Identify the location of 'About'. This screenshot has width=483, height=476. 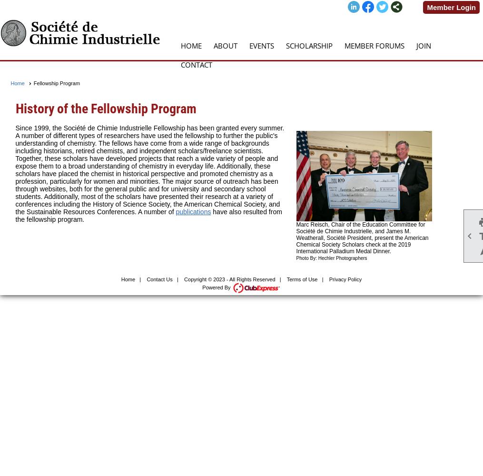
(225, 45).